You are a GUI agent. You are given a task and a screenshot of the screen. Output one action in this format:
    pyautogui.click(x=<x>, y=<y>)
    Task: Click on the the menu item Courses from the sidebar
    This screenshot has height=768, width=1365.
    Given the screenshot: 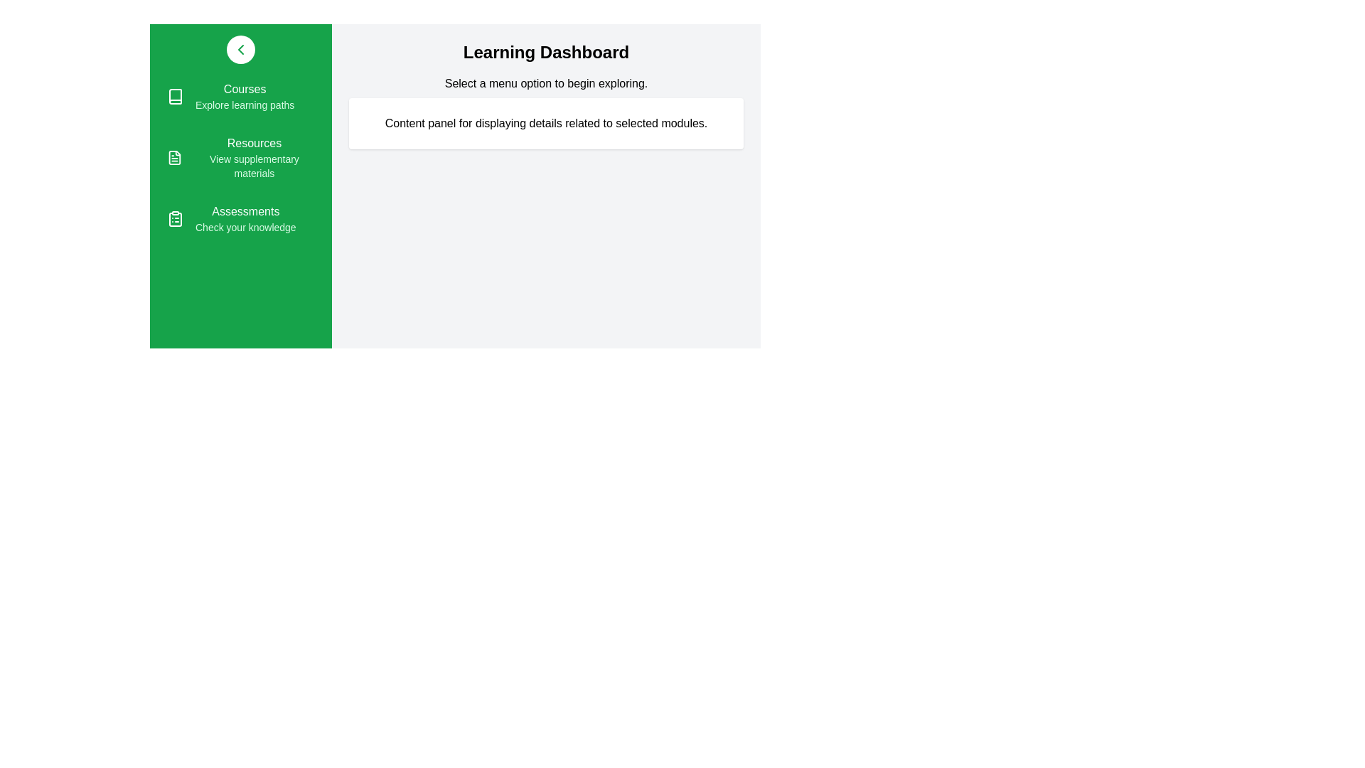 What is the action you would take?
    pyautogui.click(x=241, y=96)
    